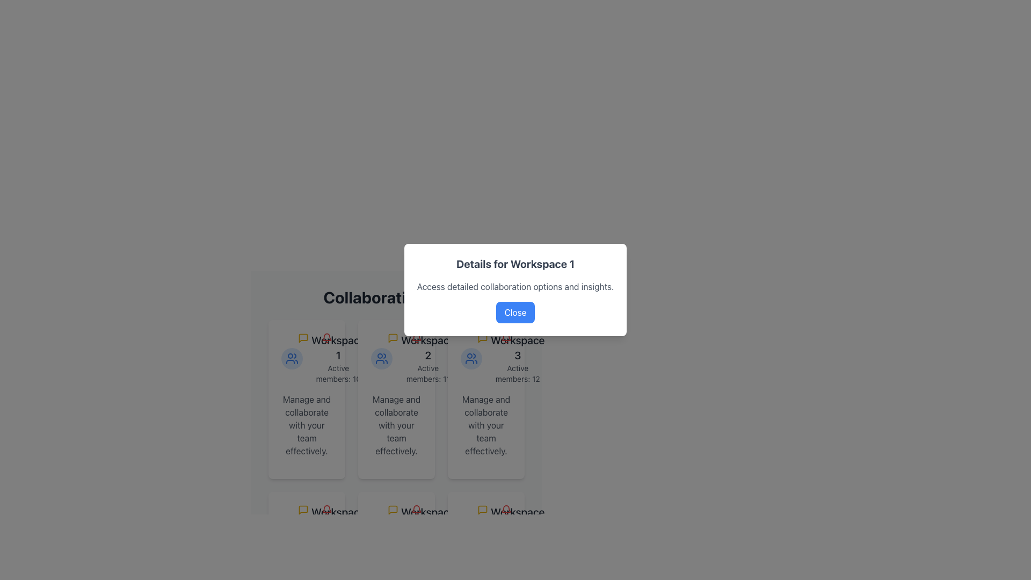 This screenshot has height=580, width=1031. What do you see at coordinates (518, 348) in the screenshot?
I see `on the text label indicating the name or identifier of the respective workspace, located in the bottom row of the grid layout, farthest right among its row siblings` at bounding box center [518, 348].